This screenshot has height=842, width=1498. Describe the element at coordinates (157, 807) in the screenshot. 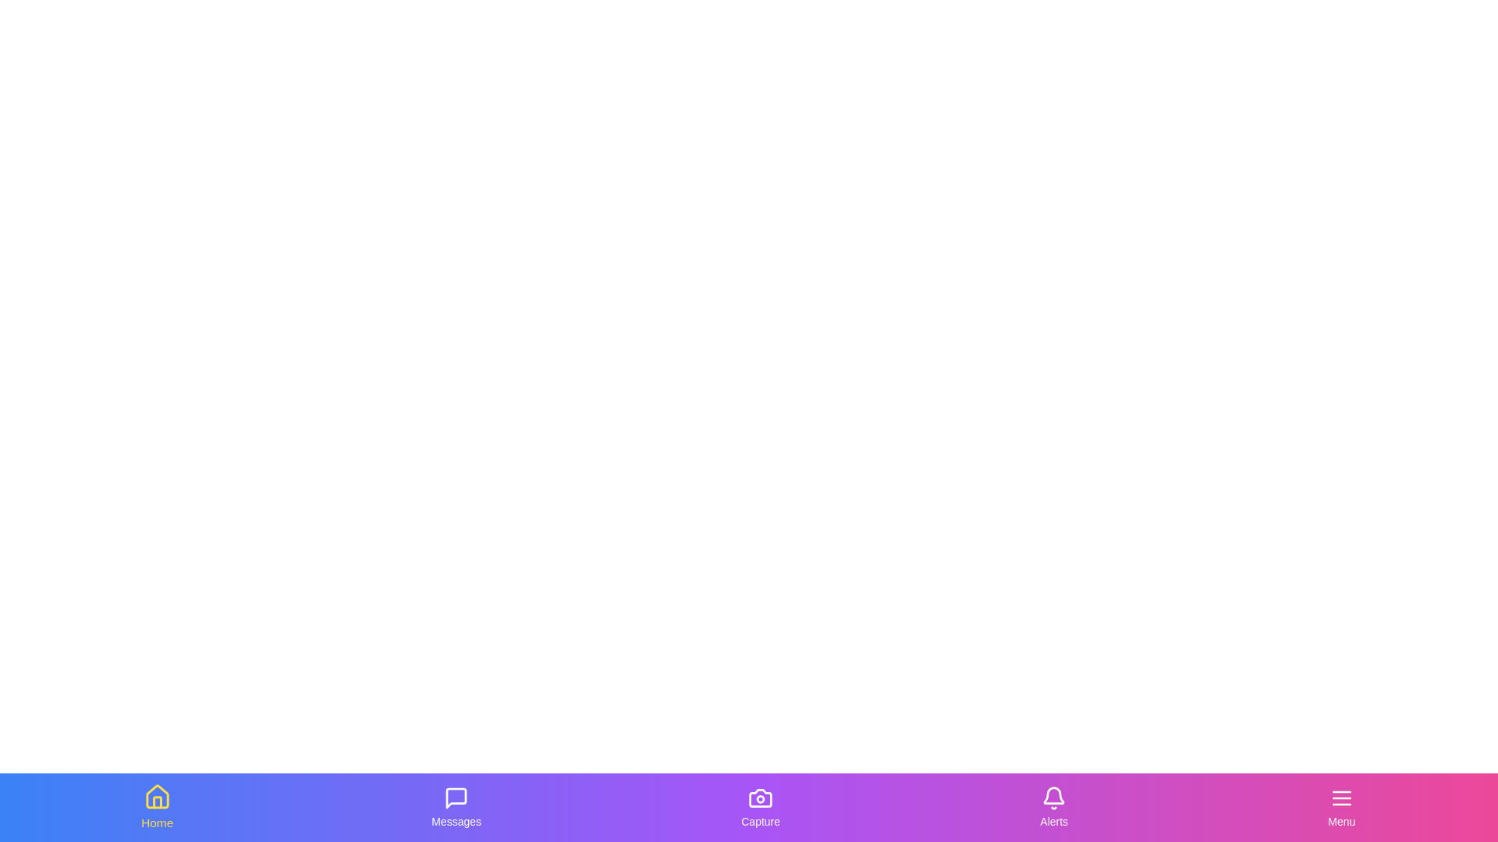

I see `the Home tab by clicking on its icon or label` at that location.